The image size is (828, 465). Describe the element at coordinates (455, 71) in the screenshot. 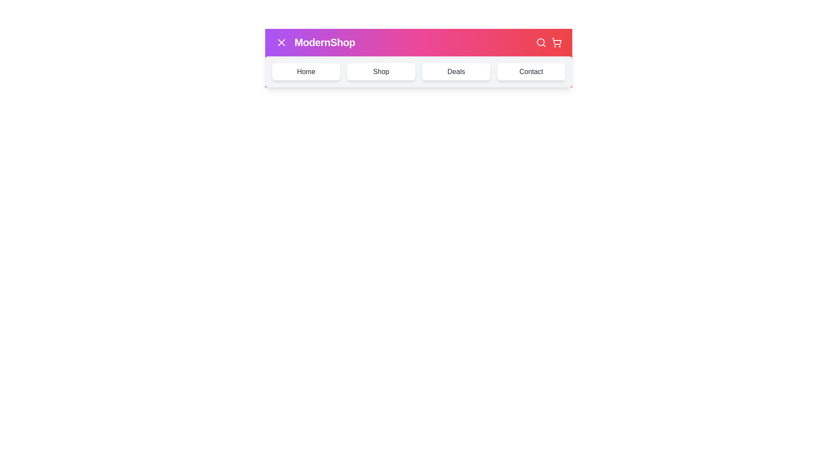

I see `the navigation link labeled Deals` at that location.